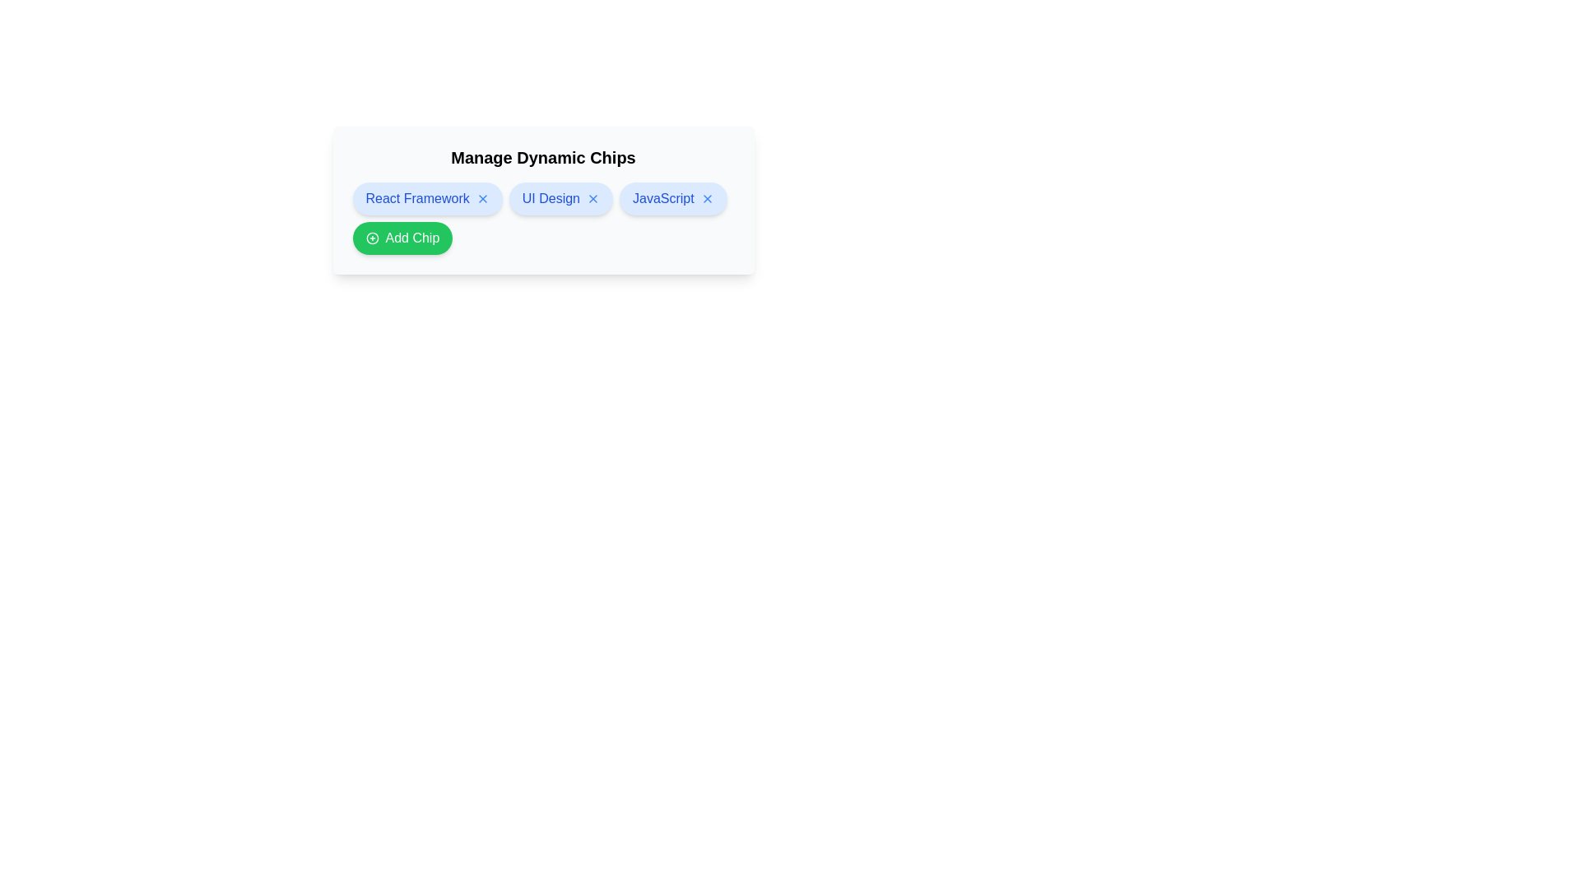  What do you see at coordinates (707, 198) in the screenshot?
I see `close button of the chip labeled 'JavaScript' to remove it` at bounding box center [707, 198].